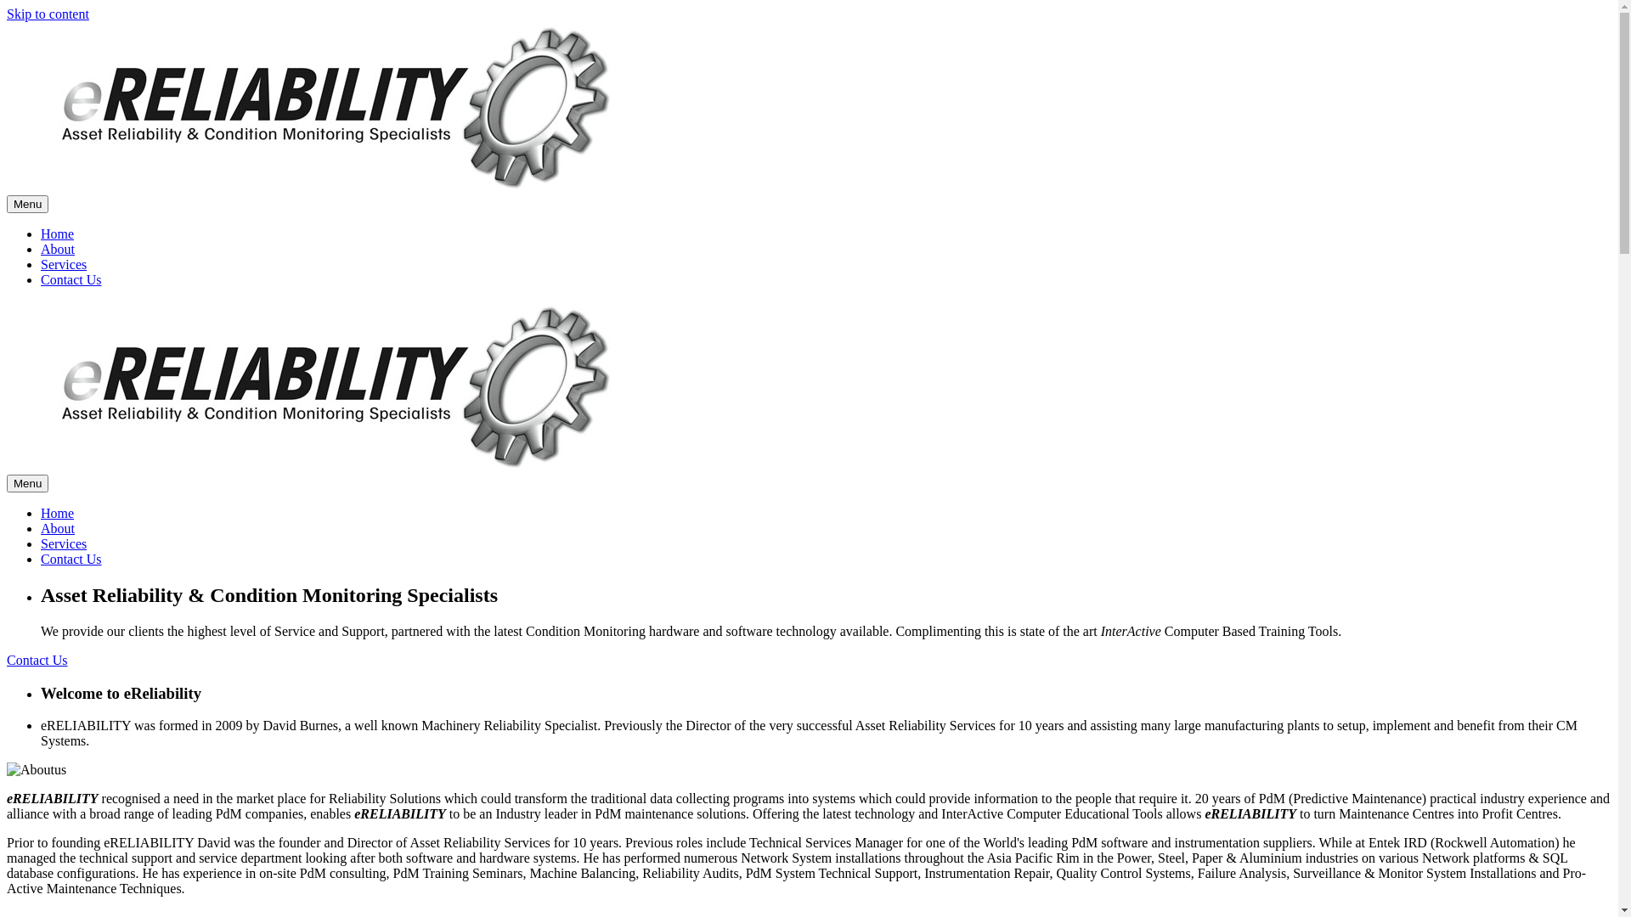 The image size is (1631, 917). Describe the element at coordinates (7, 203) in the screenshot. I see `'Menu'` at that location.